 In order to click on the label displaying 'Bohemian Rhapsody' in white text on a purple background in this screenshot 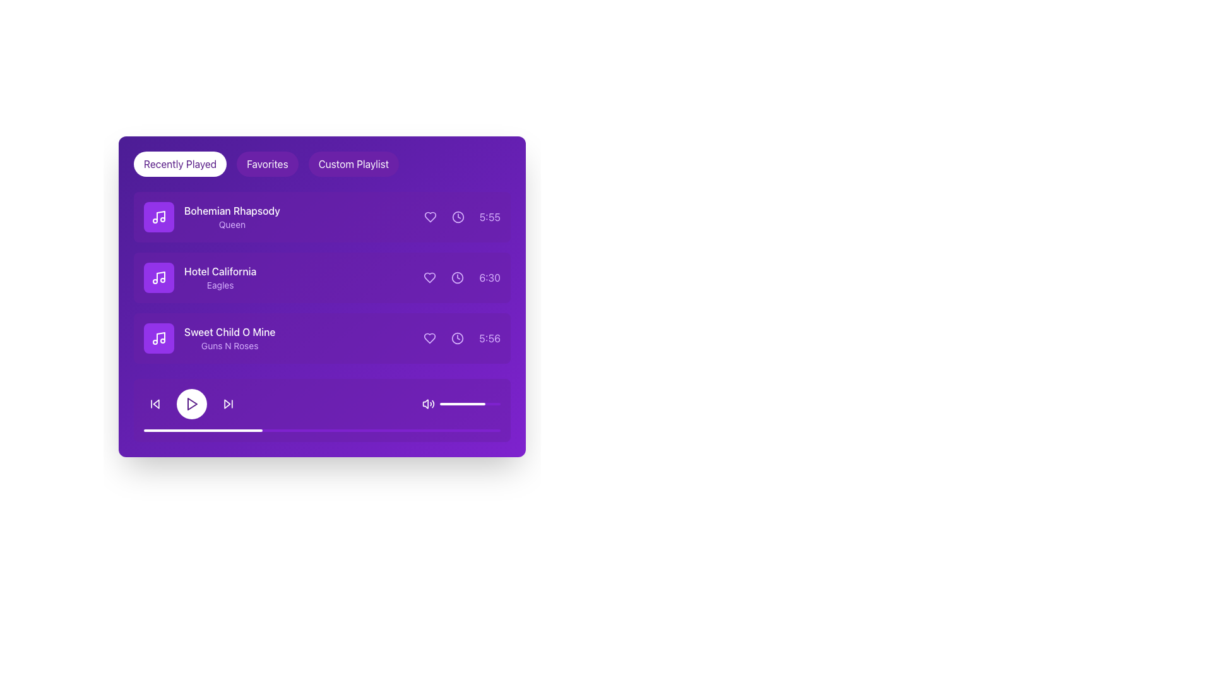, I will do `click(232, 210)`.